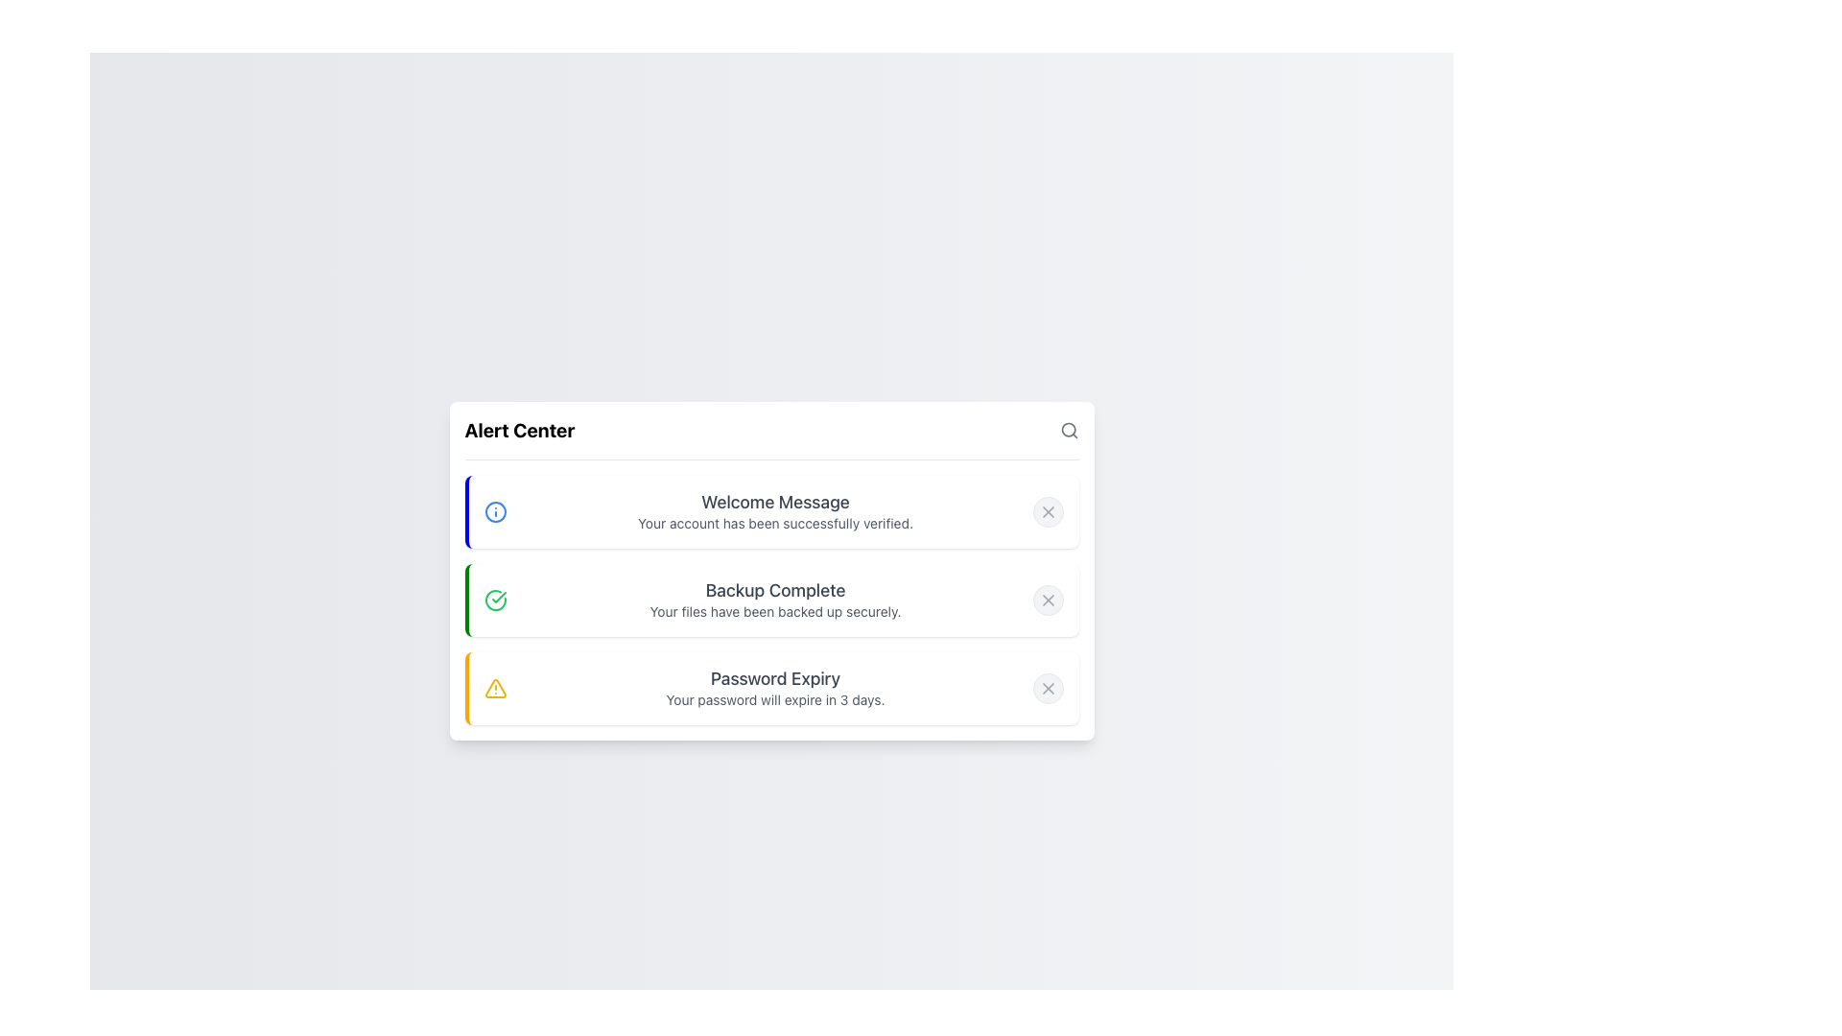 This screenshot has width=1842, height=1036. What do you see at coordinates (771, 599) in the screenshot?
I see `the informational alert box indicating the successful completion of a file backup operation, which is the second alert in the 'Alert Center' section` at bounding box center [771, 599].